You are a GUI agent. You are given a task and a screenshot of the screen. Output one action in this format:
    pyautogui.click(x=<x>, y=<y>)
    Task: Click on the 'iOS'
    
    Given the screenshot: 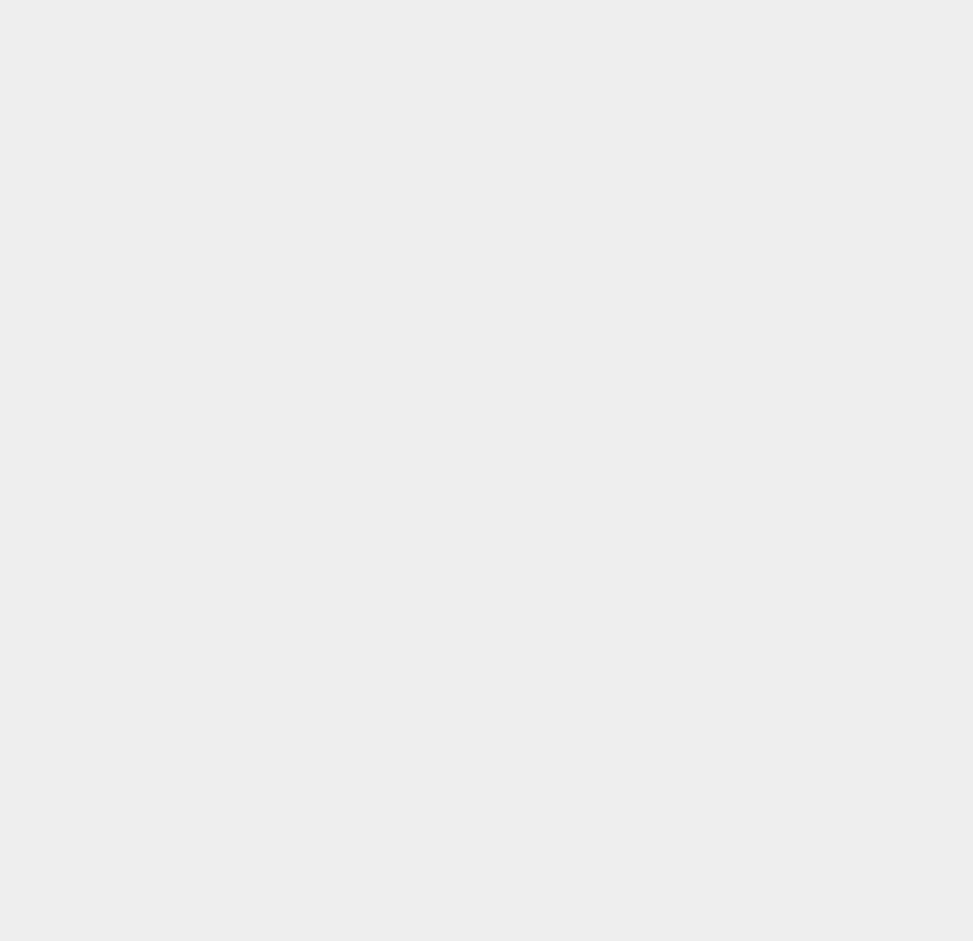 What is the action you would take?
    pyautogui.click(x=697, y=340)
    